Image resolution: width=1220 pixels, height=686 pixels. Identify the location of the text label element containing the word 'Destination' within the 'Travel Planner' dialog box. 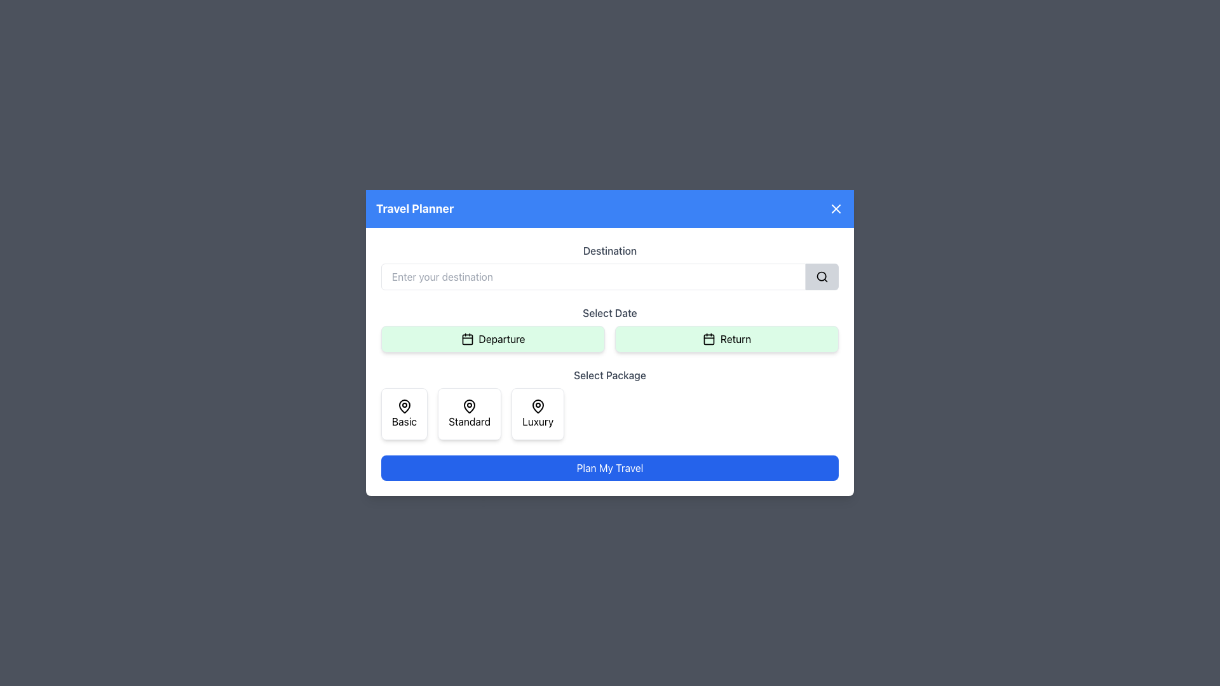
(610, 250).